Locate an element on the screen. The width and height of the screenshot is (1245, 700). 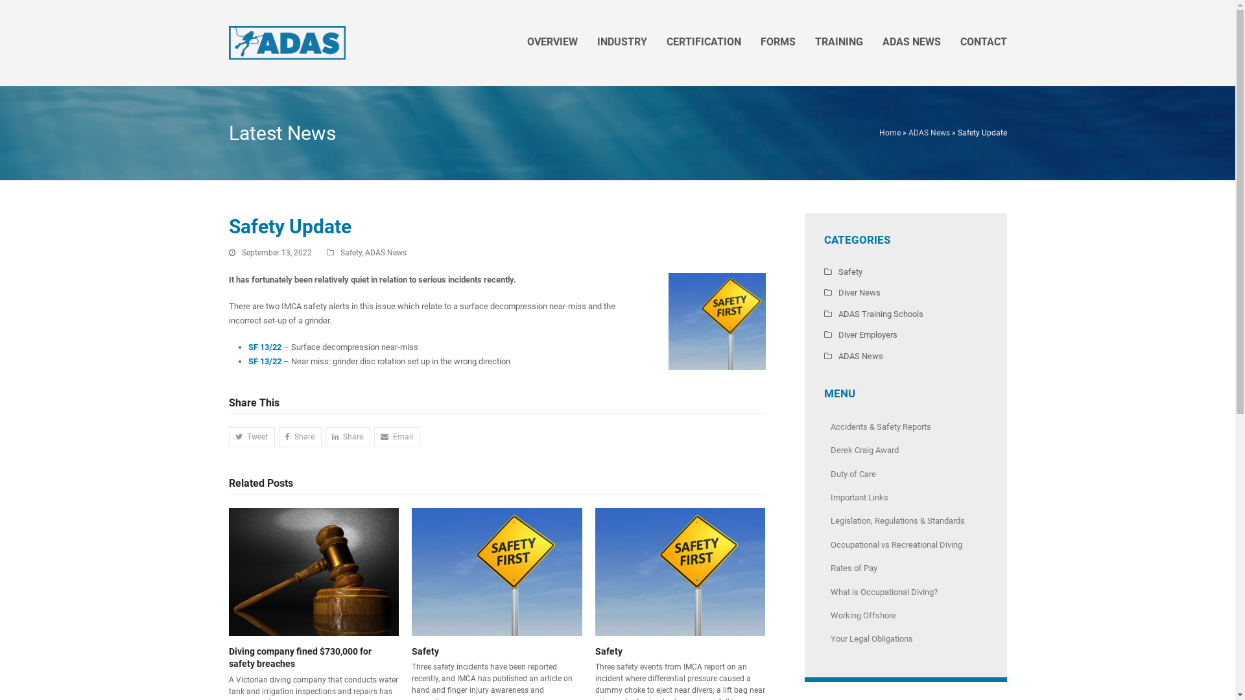
'Email' is located at coordinates (396, 437).